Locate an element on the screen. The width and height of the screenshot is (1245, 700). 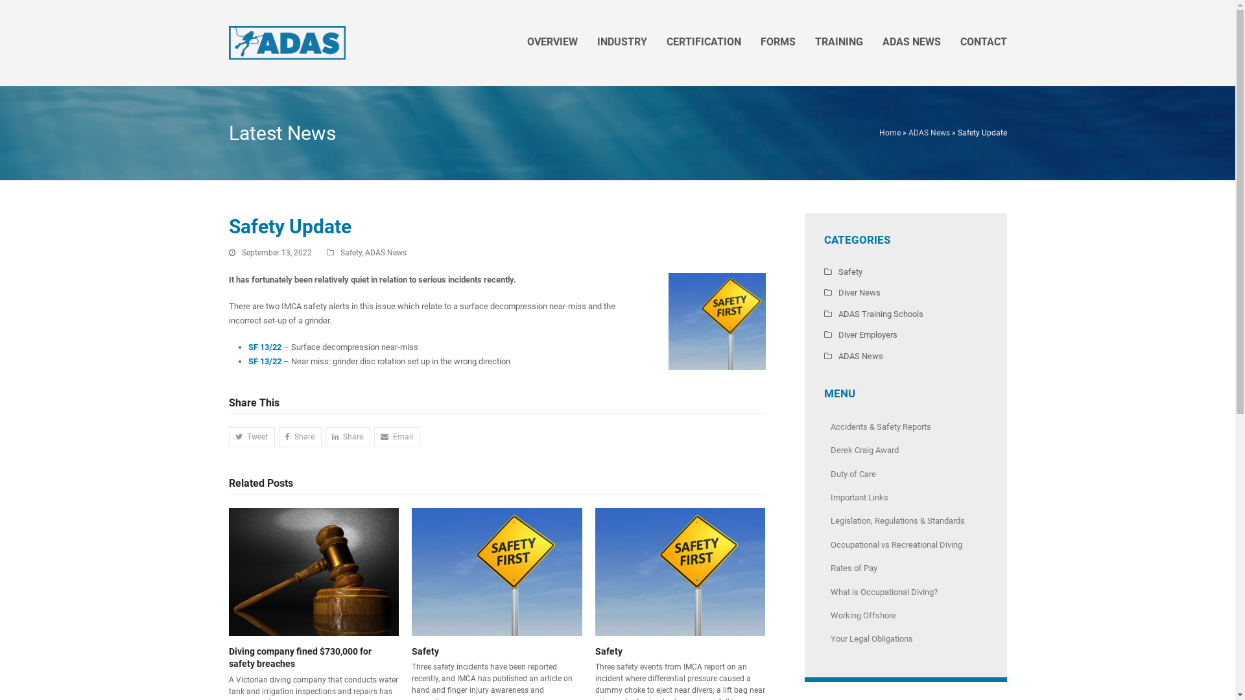
'Email' is located at coordinates (396, 437).